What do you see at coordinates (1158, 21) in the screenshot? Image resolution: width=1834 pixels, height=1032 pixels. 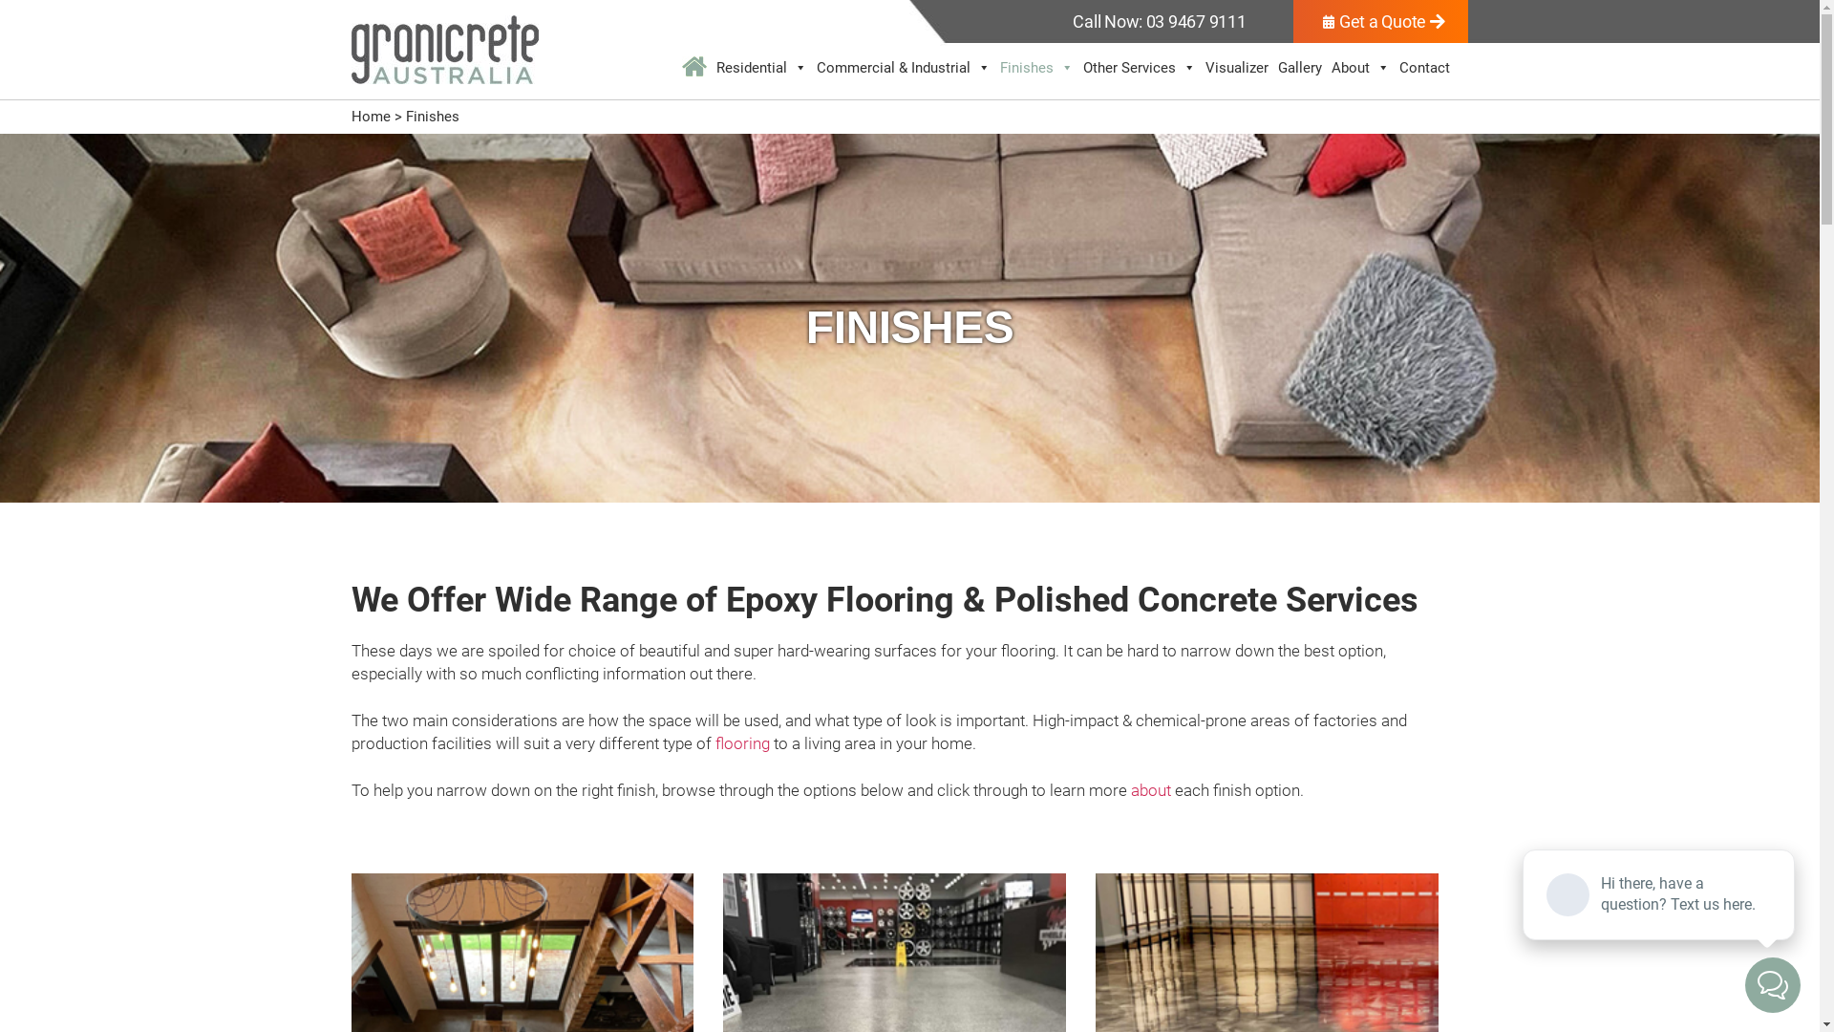 I see `'Call Now: 03 9467 9111'` at bounding box center [1158, 21].